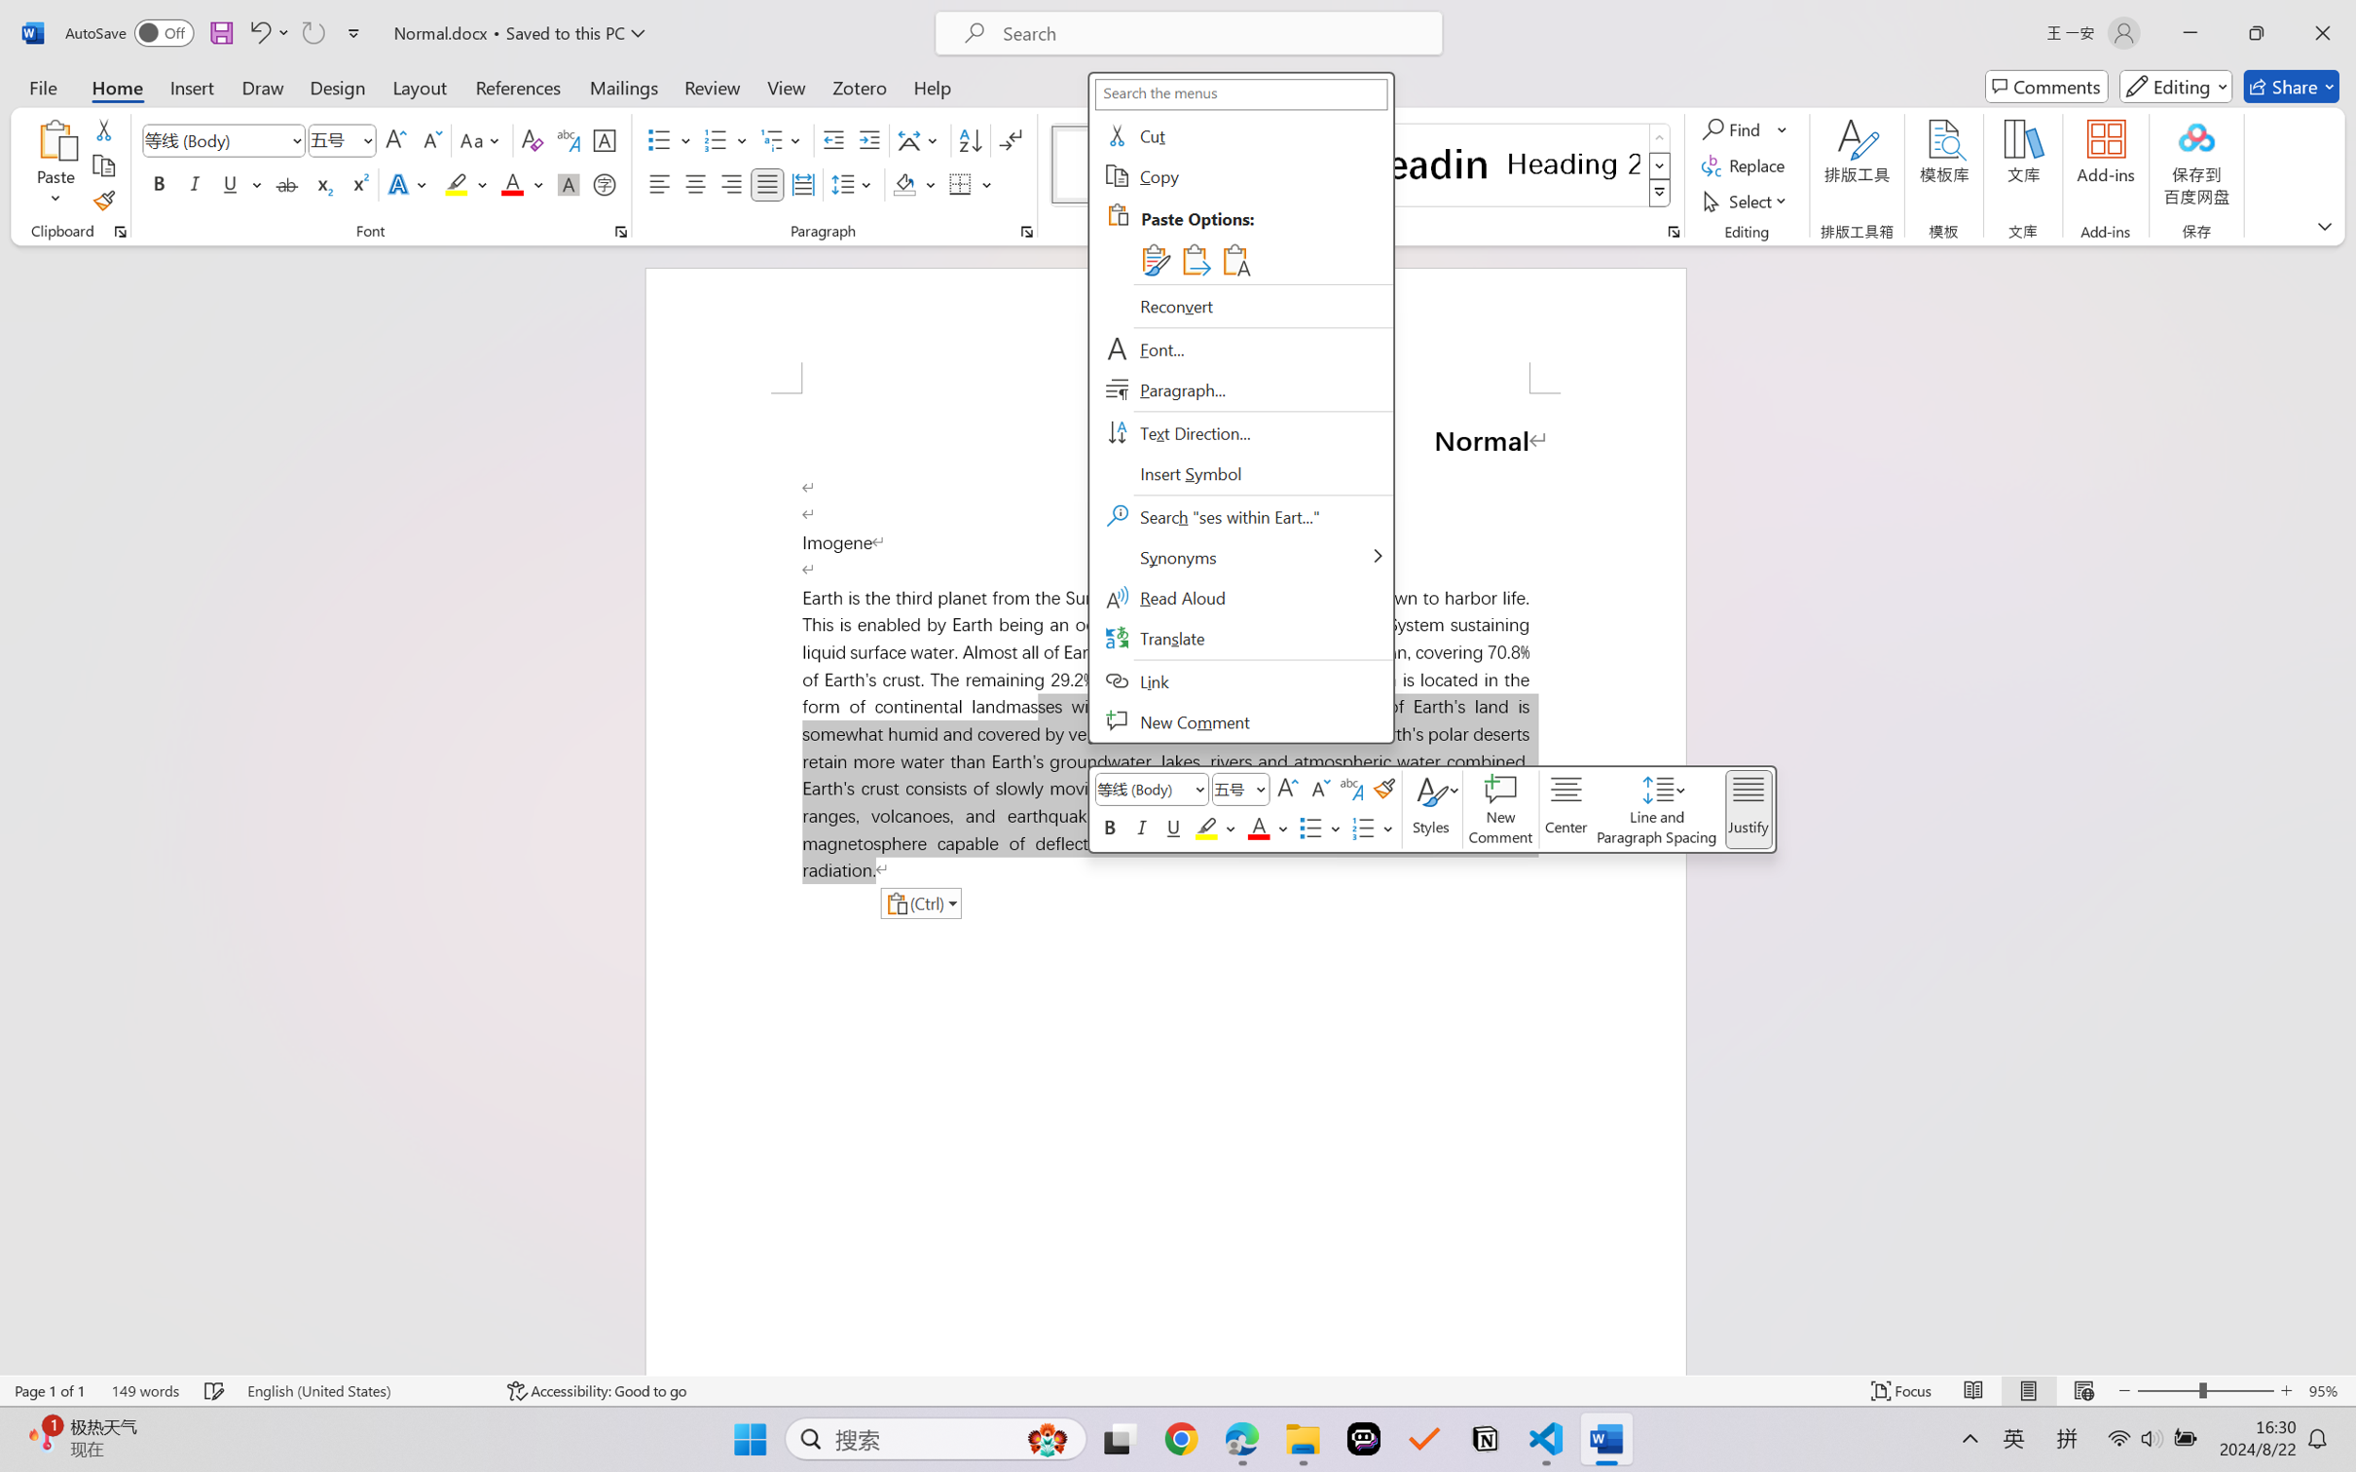  I want to click on 'Superscript', so click(357, 183).